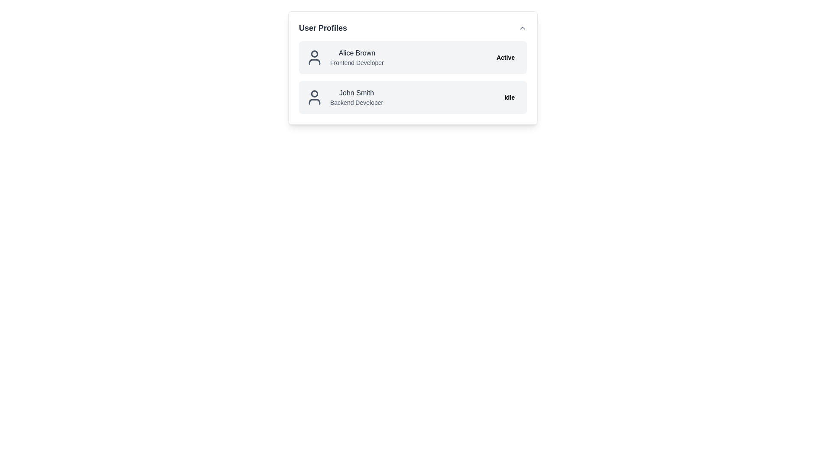 The image size is (832, 468). What do you see at coordinates (314, 57) in the screenshot?
I see `the user profile icon representing 'Alice Brown', which is the leftmost visual component in the row containing her information` at bounding box center [314, 57].